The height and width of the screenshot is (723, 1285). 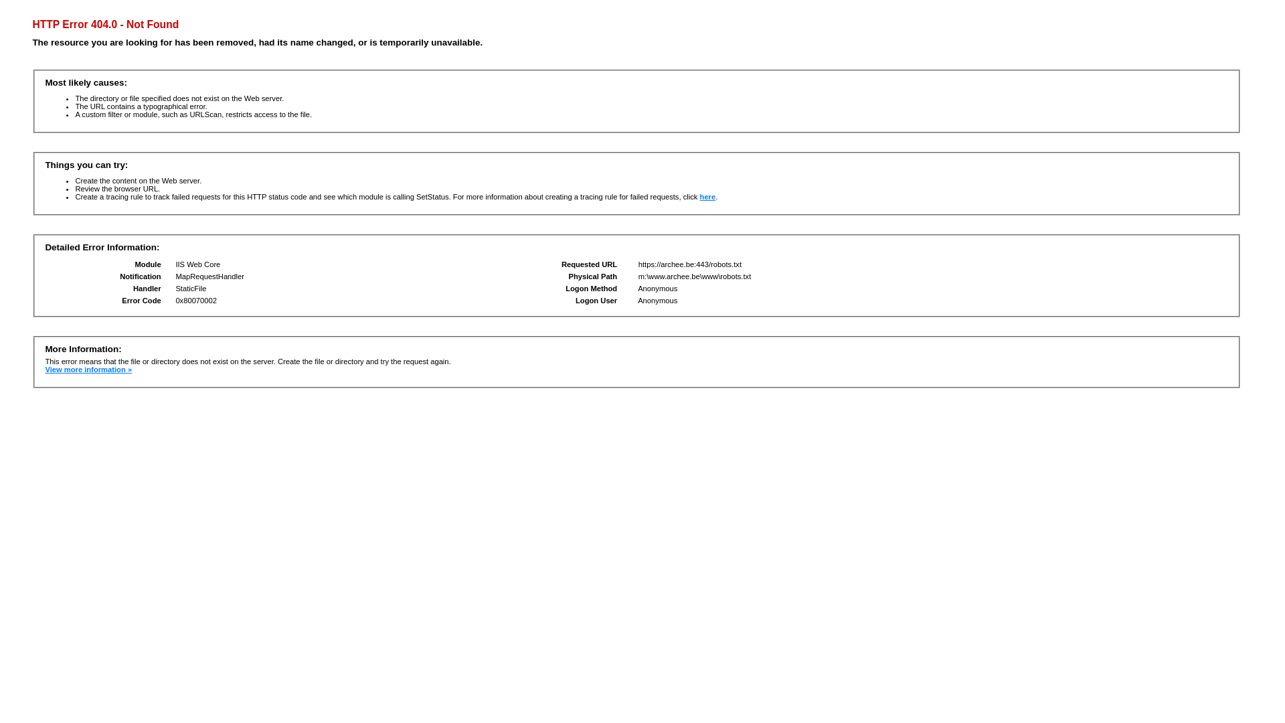 What do you see at coordinates (699, 196) in the screenshot?
I see `'here'` at bounding box center [699, 196].